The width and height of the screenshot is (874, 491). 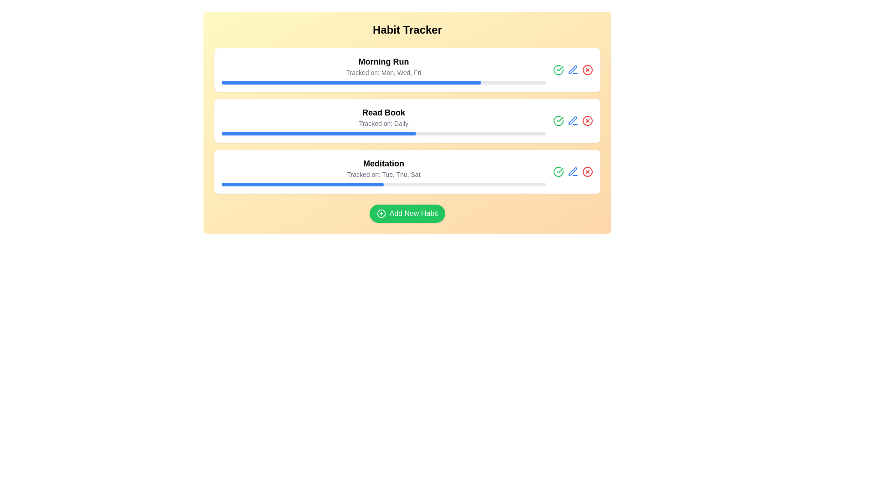 What do you see at coordinates (384, 112) in the screenshot?
I see `the static text label displaying 'Read Book', which is bold and large, prominently positioned in the middle of the interface, above the text 'Tracked on: Daily'` at bounding box center [384, 112].